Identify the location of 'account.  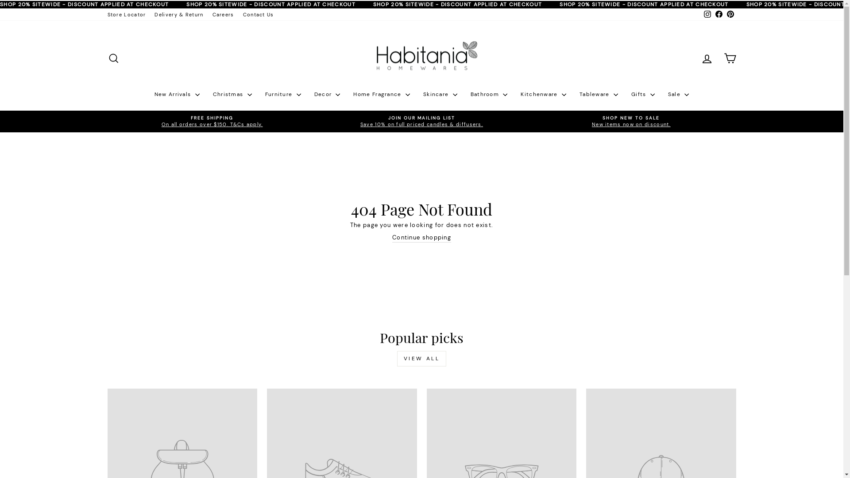
(706, 58).